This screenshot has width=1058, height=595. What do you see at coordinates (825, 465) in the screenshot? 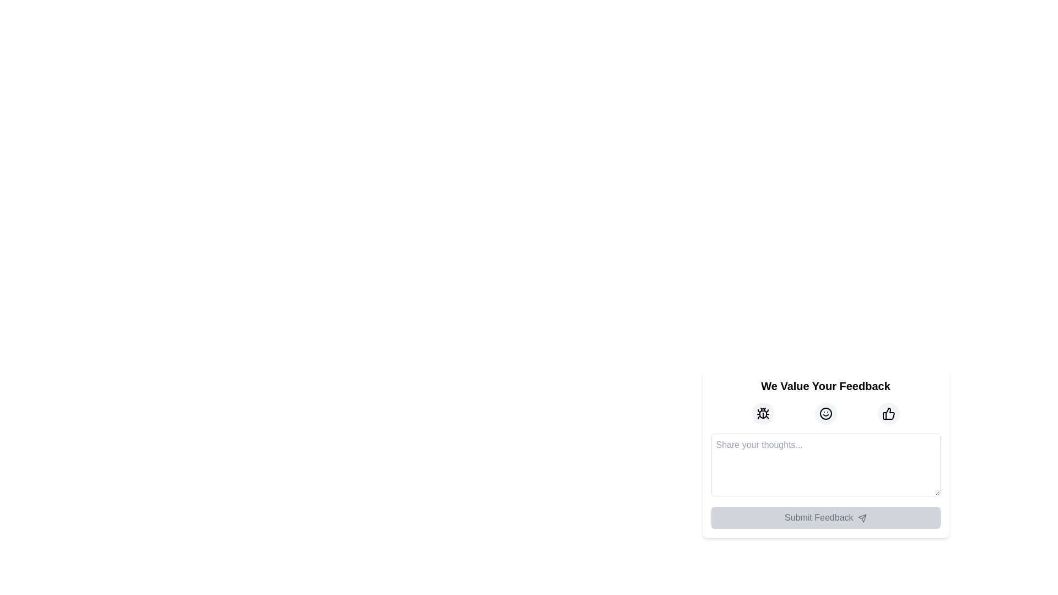
I see `text within the Multi-line Text Input Field that has a placeholder reading 'Share your thoughts...'` at bounding box center [825, 465].